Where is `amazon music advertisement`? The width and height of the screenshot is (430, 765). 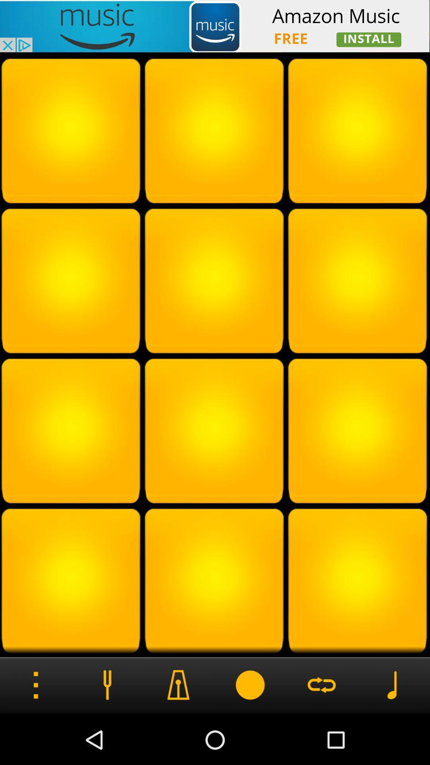
amazon music advertisement is located at coordinates (215, 26).